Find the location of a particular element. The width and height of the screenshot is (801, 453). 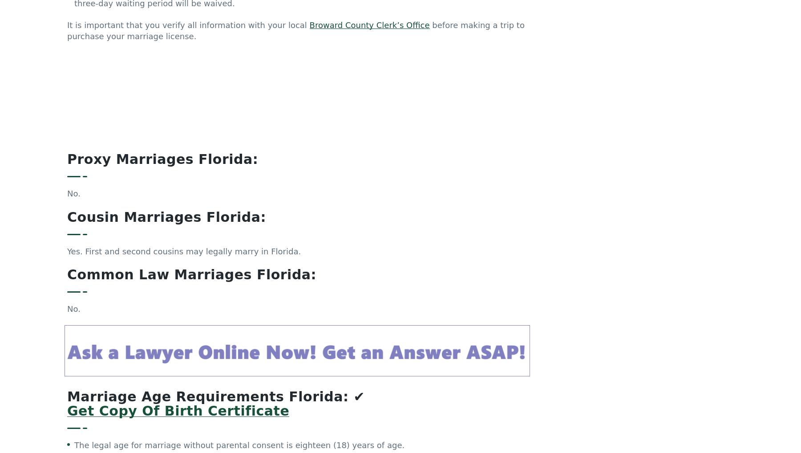

'It is important that you verify all information with your local' is located at coordinates (188, 29).